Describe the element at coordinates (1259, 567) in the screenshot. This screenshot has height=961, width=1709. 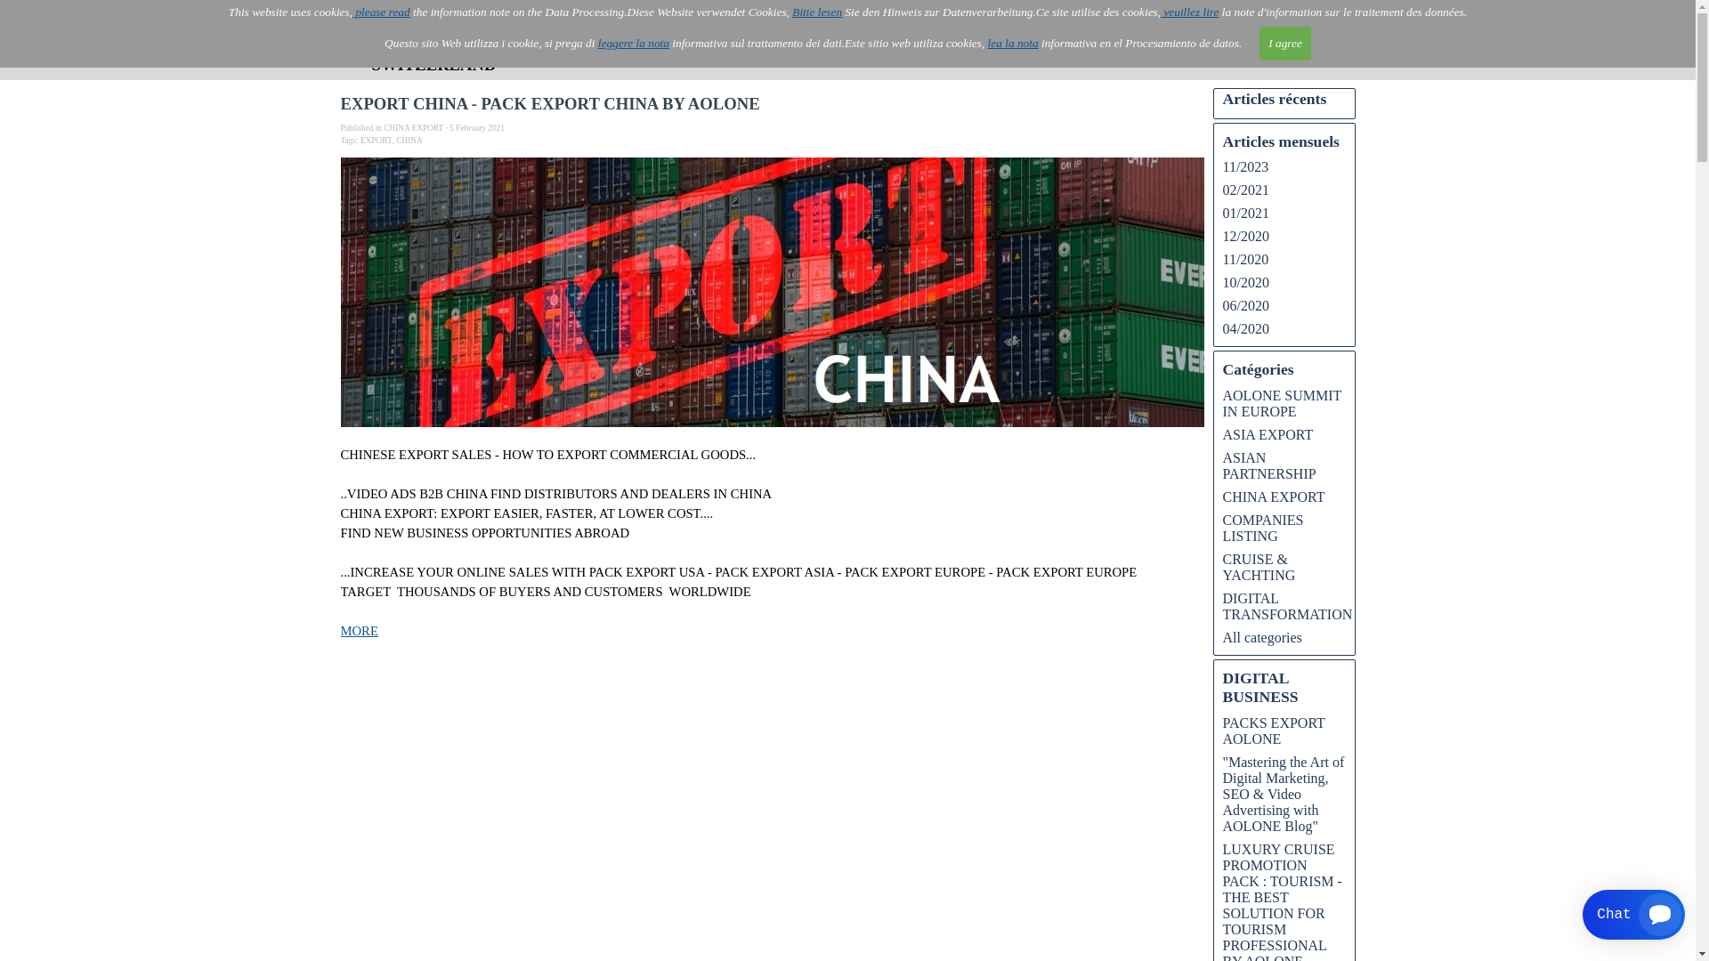
I see `'CRUISE & YACHTING'` at that location.